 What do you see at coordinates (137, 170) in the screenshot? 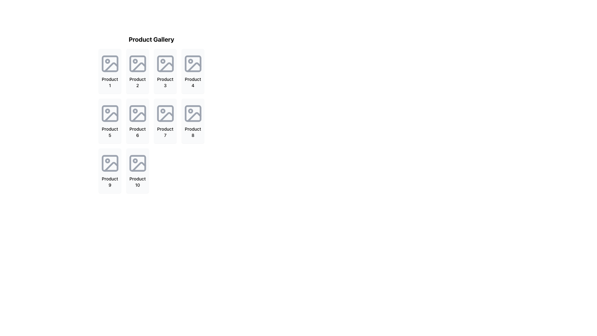
I see `the card representing 'Product 10', which features a light gray background, a centered icon of a placeholder image, and the text 'Product 10'. It is located at the bottom-right corner of a 2x5 grid layout under the 'Product Gallery' heading` at bounding box center [137, 170].